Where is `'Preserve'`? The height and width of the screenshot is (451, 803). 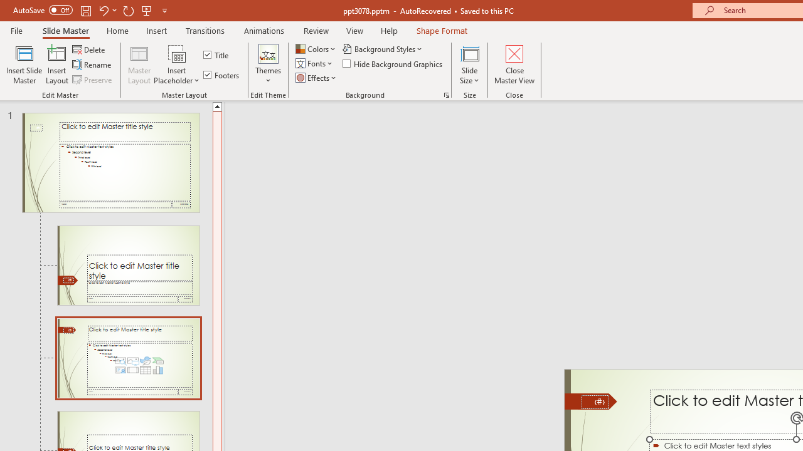
'Preserve' is located at coordinates (93, 80).